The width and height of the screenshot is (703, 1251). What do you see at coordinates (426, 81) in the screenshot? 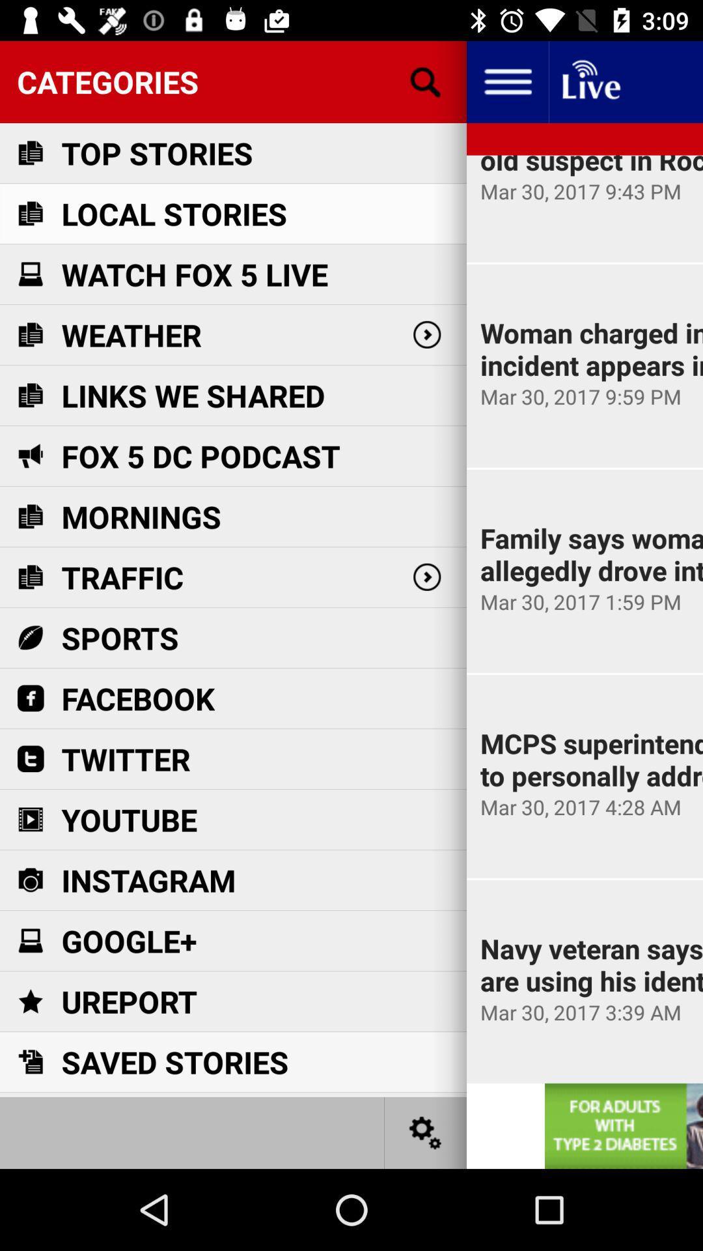
I see `this option find` at bounding box center [426, 81].